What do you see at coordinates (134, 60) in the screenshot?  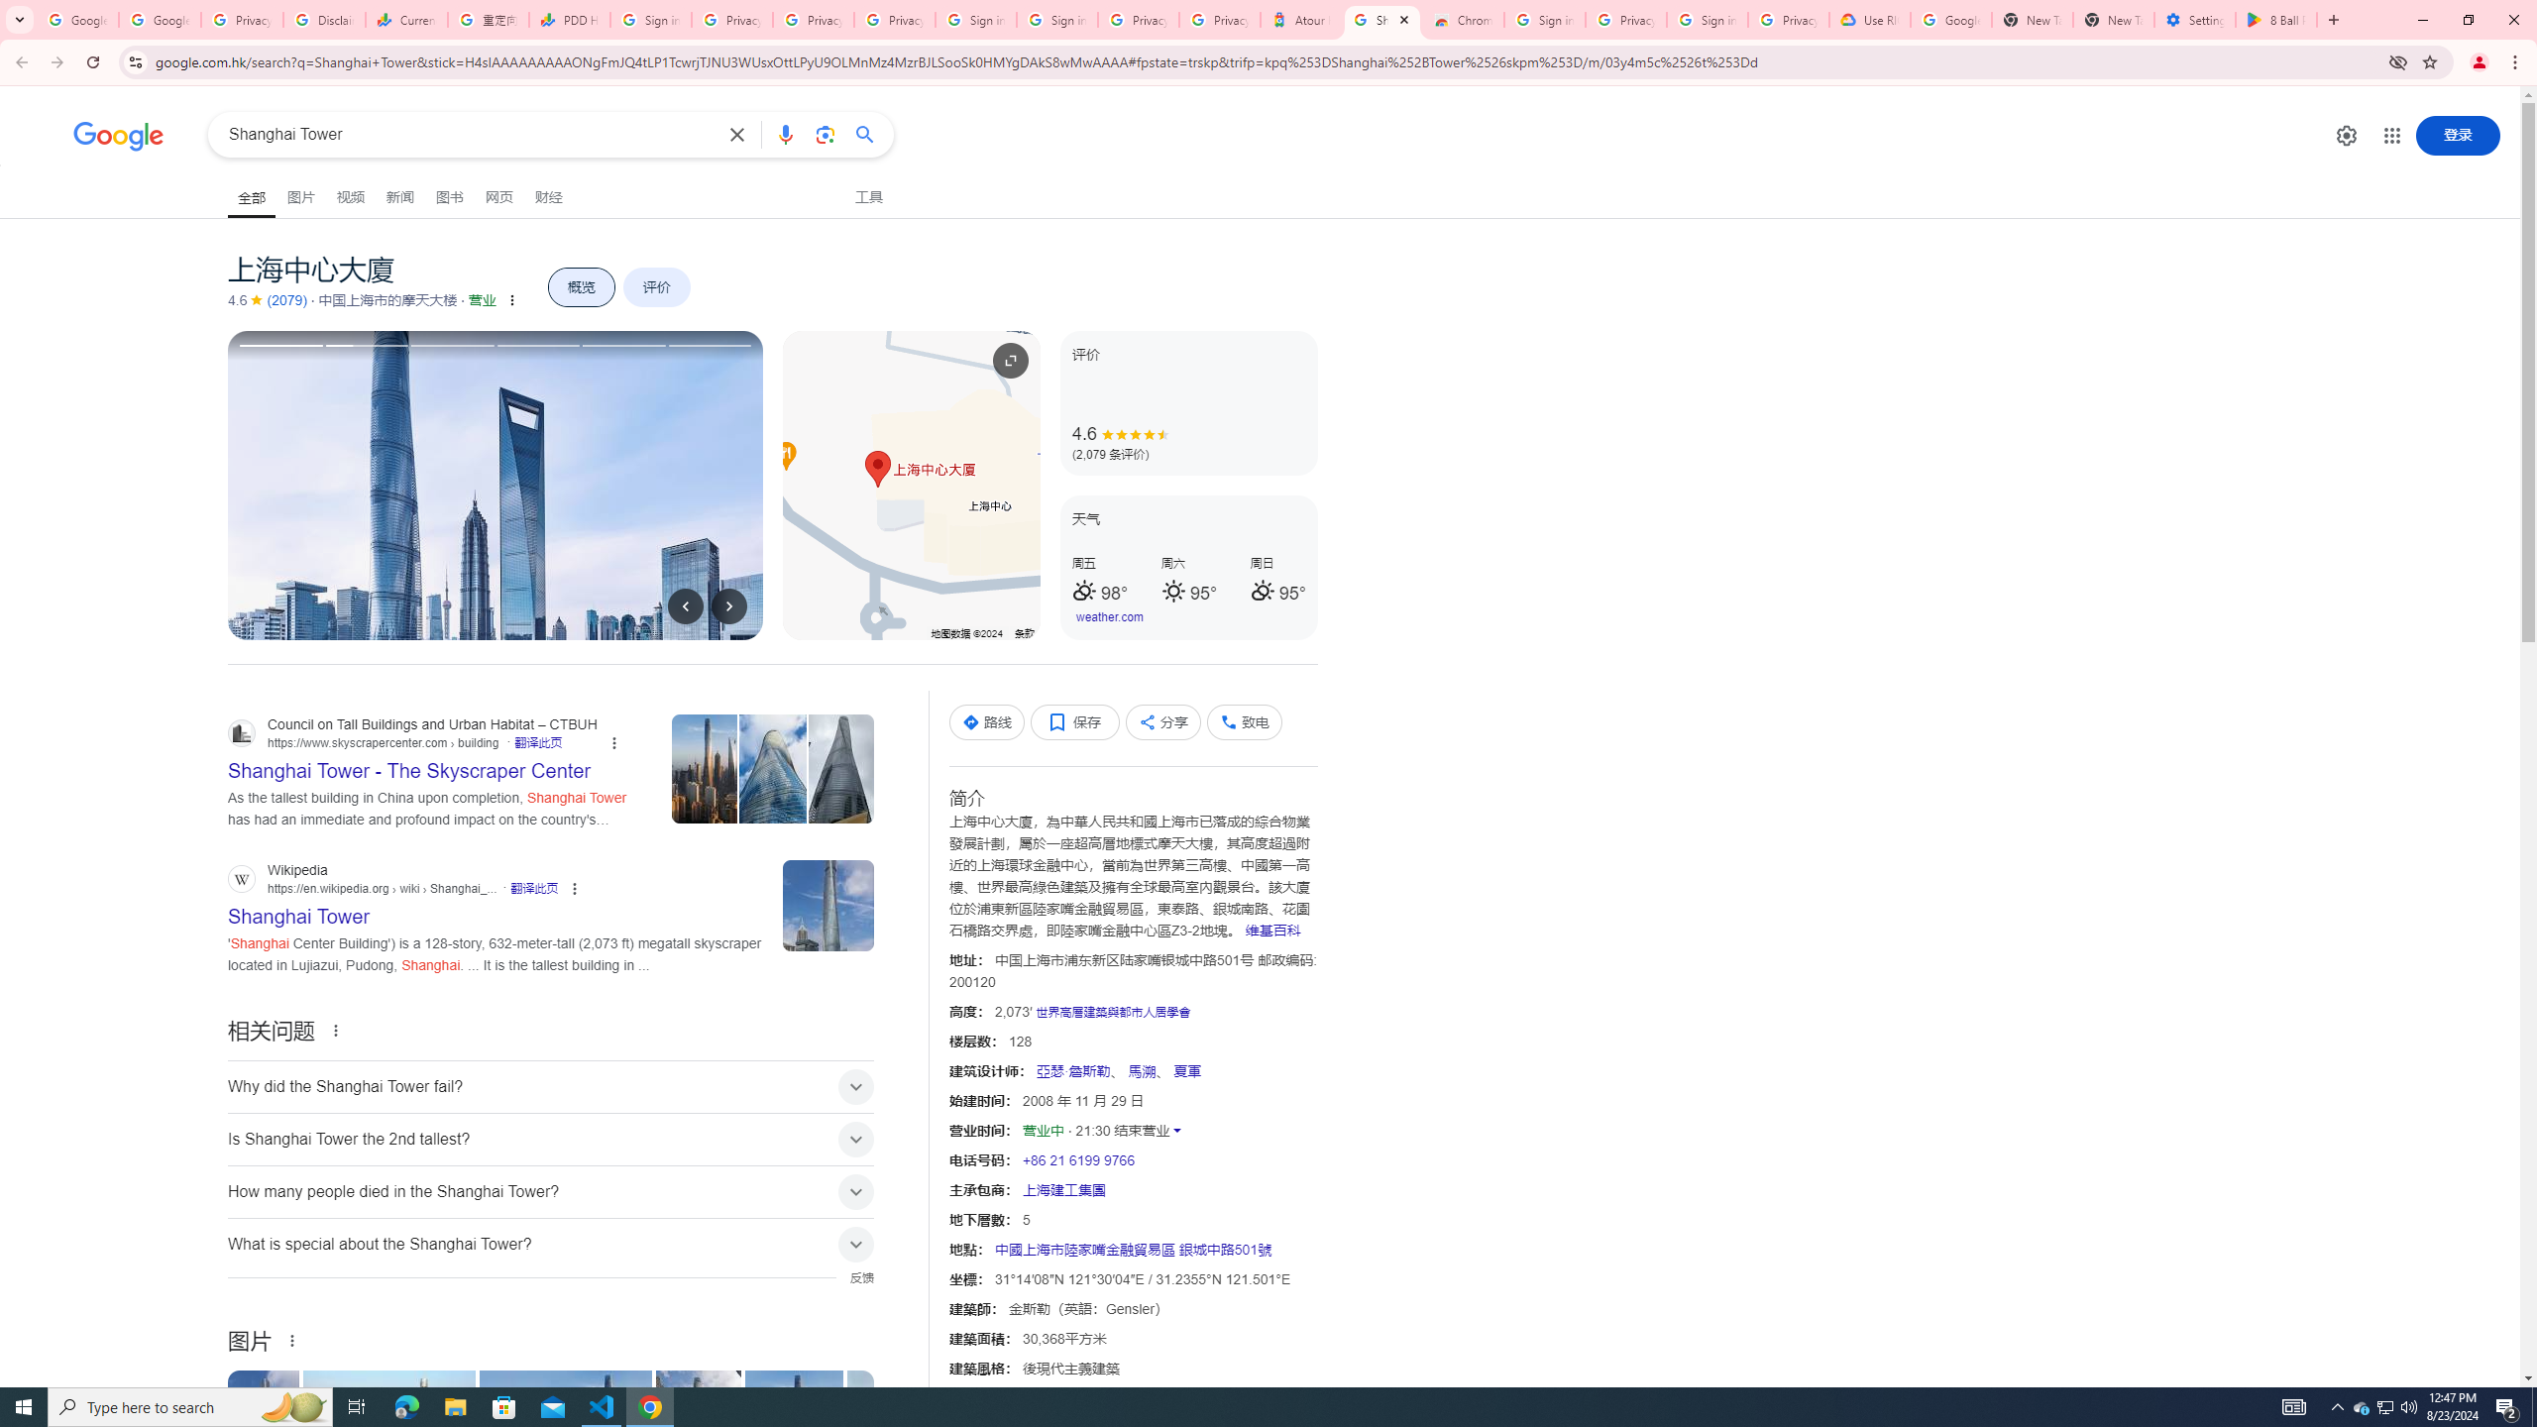 I see `'View site information'` at bounding box center [134, 60].